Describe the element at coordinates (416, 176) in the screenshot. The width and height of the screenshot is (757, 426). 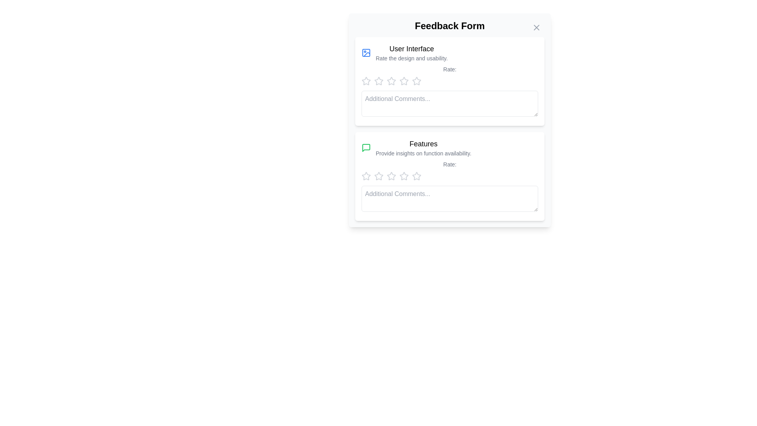
I see `the fourth star-shaped icon in the 'Features' section of the feedback form` at that location.